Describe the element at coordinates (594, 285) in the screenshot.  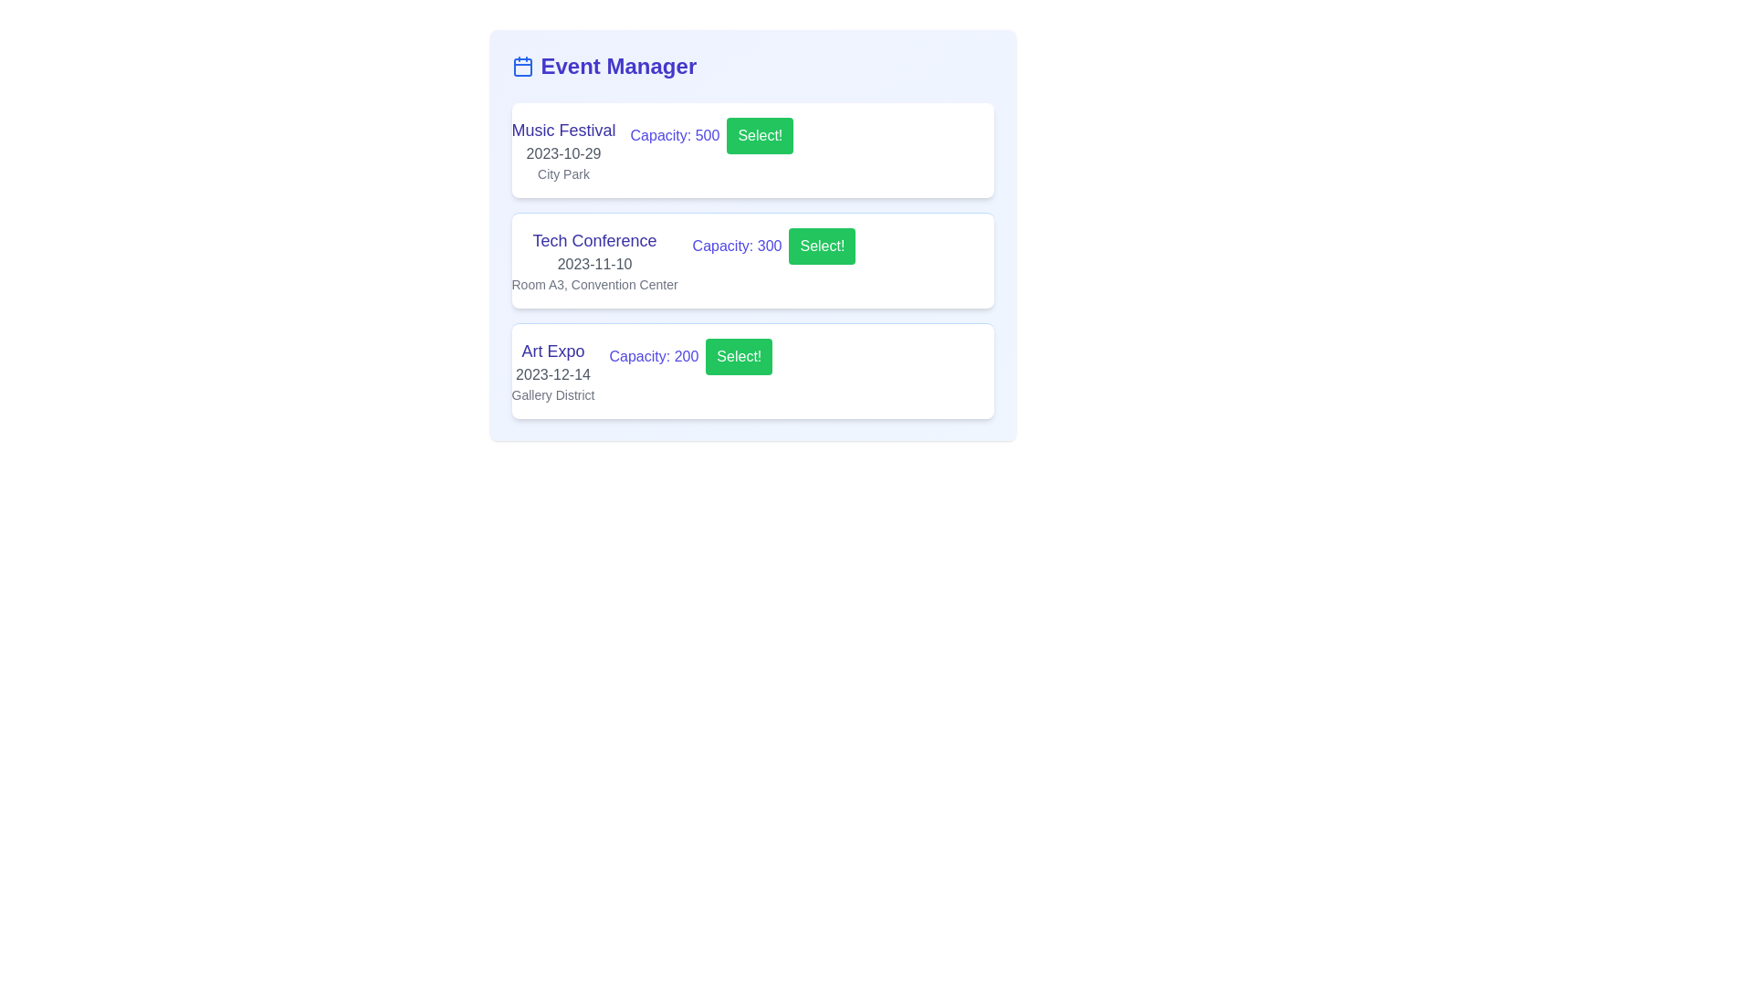
I see `the text label reading 'Room A3, Convention Center' which is styled in a small gray font and is located at the bottom of the event information box in the card layout` at that location.